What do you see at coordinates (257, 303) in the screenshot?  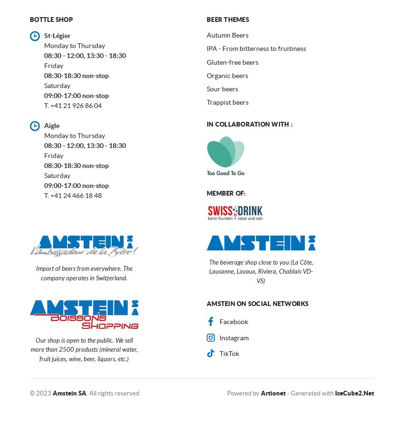 I see `'Amstein on social networks'` at bounding box center [257, 303].